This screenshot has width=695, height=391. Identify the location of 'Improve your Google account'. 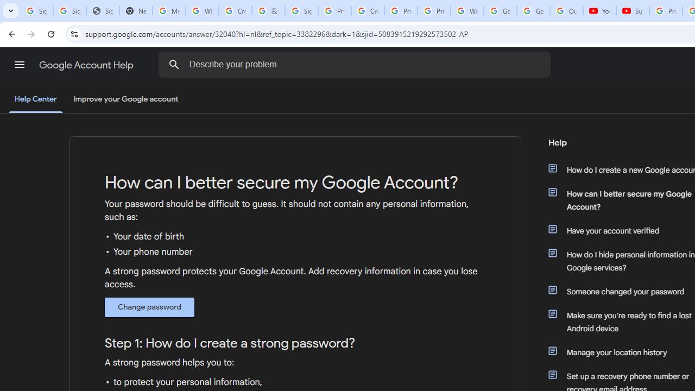
(125, 99).